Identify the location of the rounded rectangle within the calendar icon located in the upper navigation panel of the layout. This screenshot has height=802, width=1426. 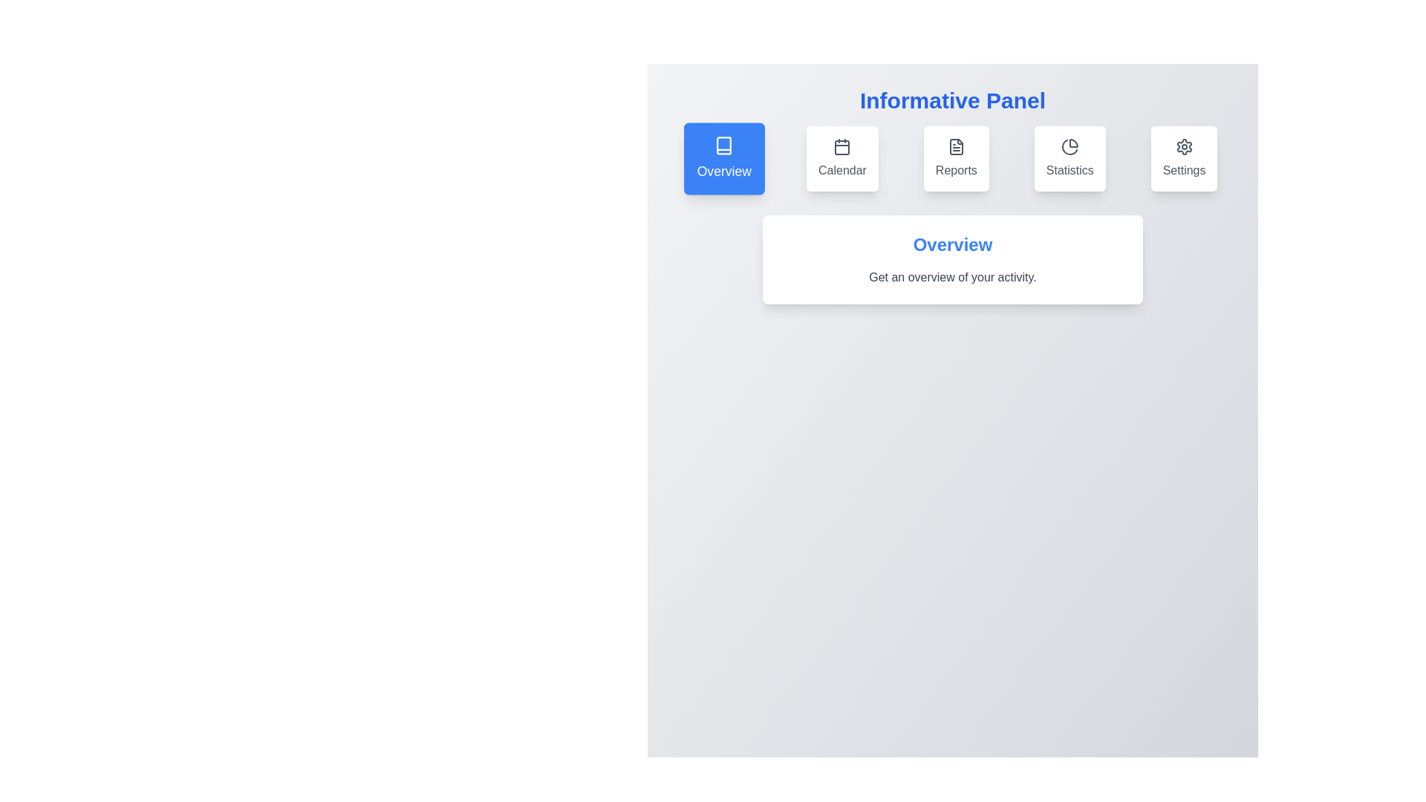
(842, 148).